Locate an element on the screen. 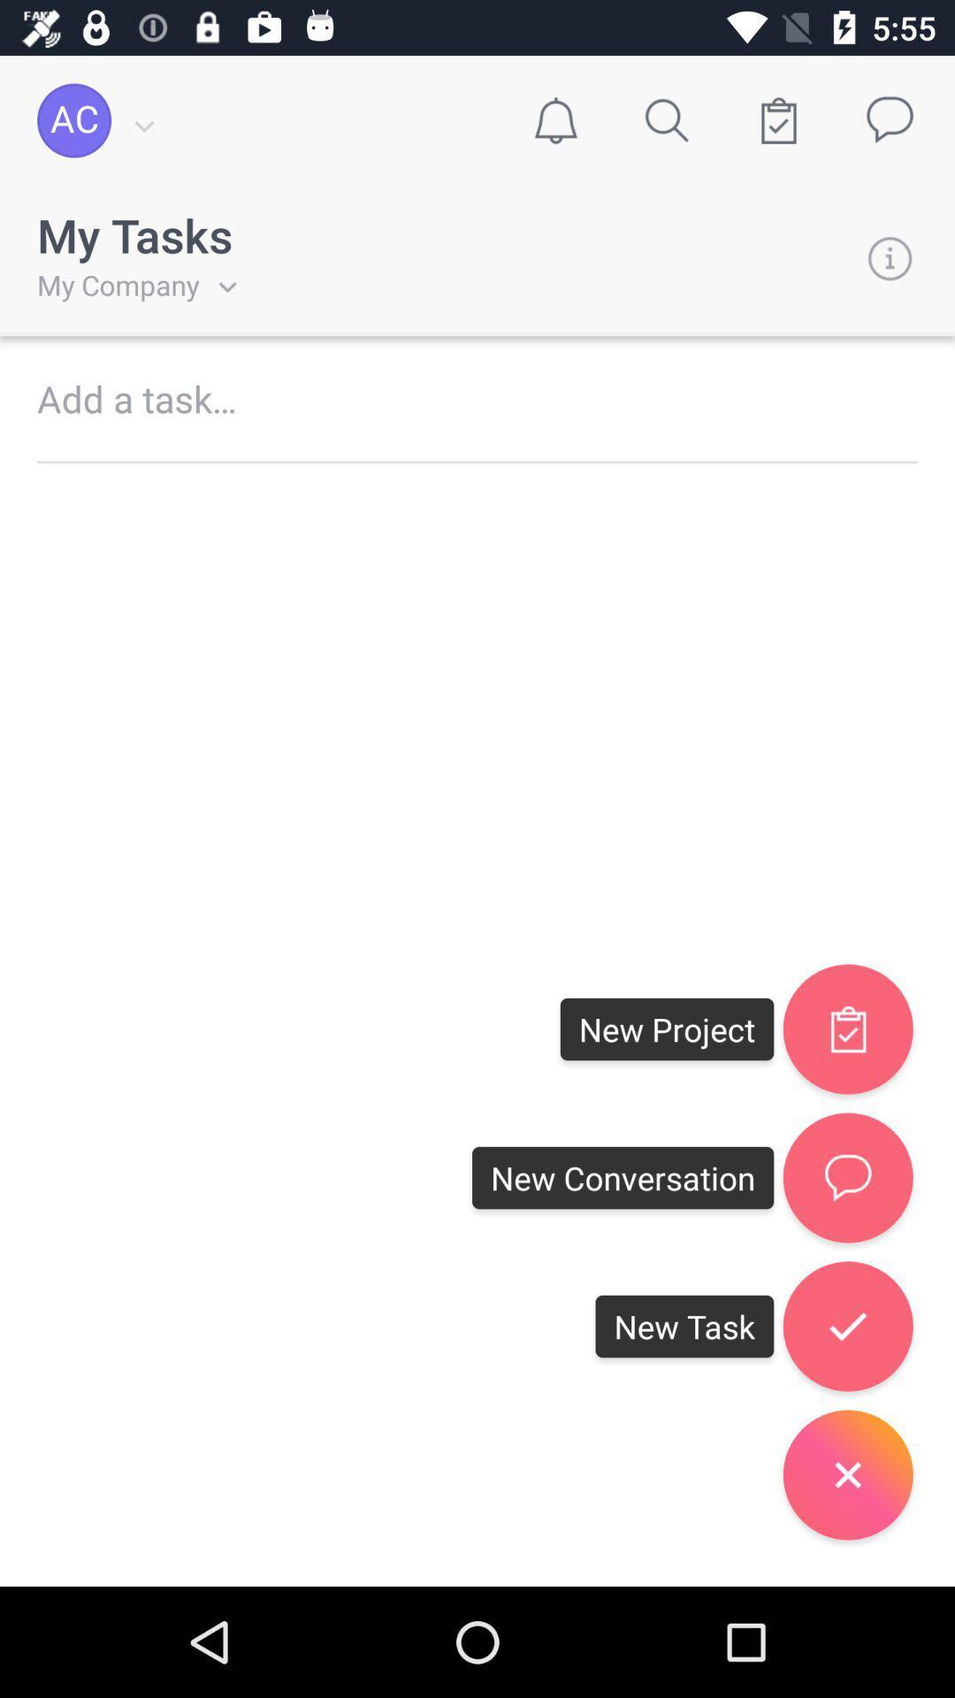 Image resolution: width=955 pixels, height=1698 pixels. the icon right to the search is located at coordinates (777, 120).